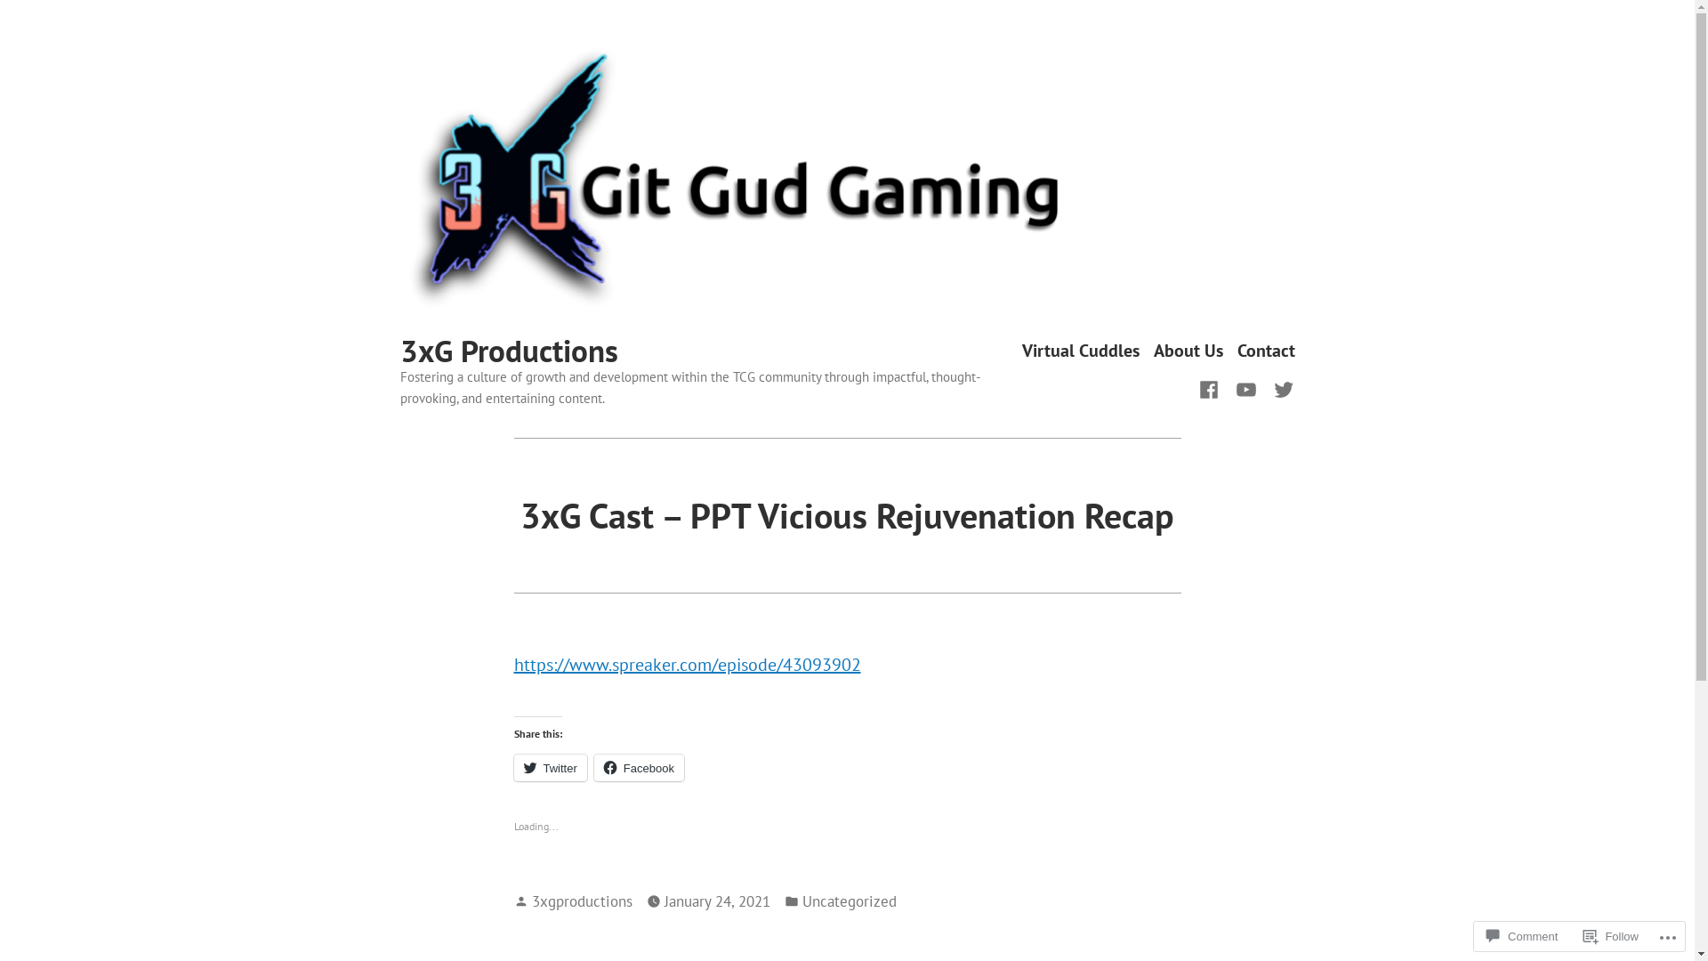 The width and height of the screenshot is (1708, 961). I want to click on 'January 24, 2021', so click(716, 901).